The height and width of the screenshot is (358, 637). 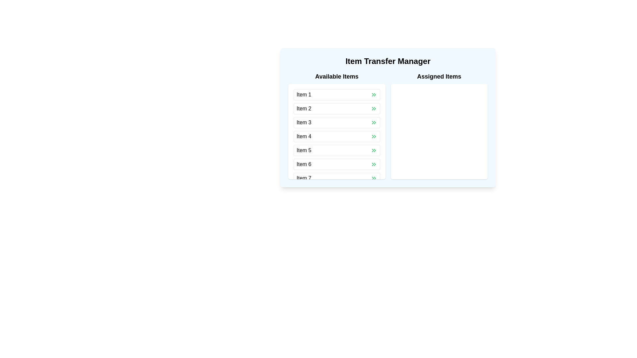 What do you see at coordinates (337, 164) in the screenshot?
I see `the List Item labeled 'Item 6' which is the sixth item in the 'Available Items' list to focus it` at bounding box center [337, 164].